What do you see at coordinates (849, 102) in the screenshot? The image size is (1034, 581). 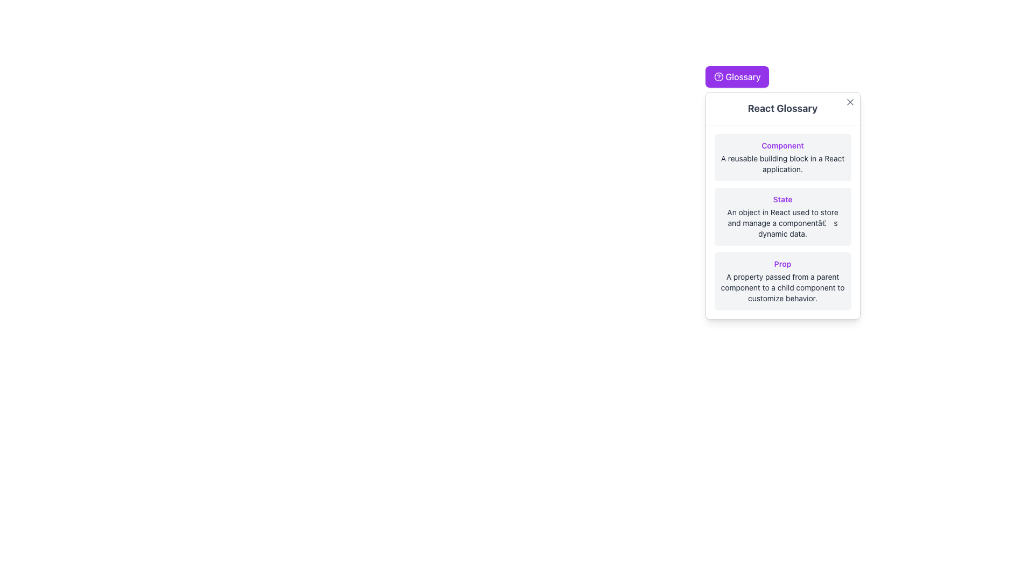 I see `the close icon styled as an 'X' located in the top-right corner of the 'React Glossary' panel to dismiss it` at bounding box center [849, 102].